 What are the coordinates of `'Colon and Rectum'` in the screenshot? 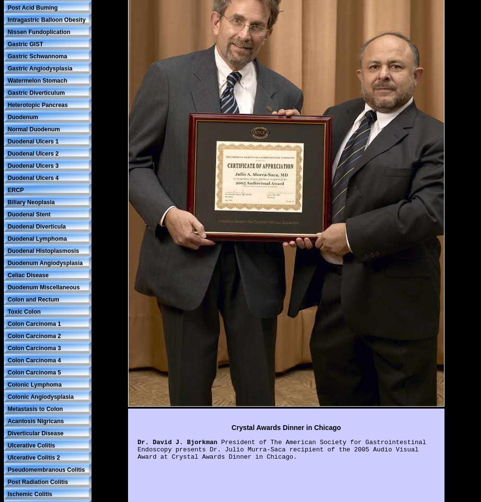 It's located at (7, 299).